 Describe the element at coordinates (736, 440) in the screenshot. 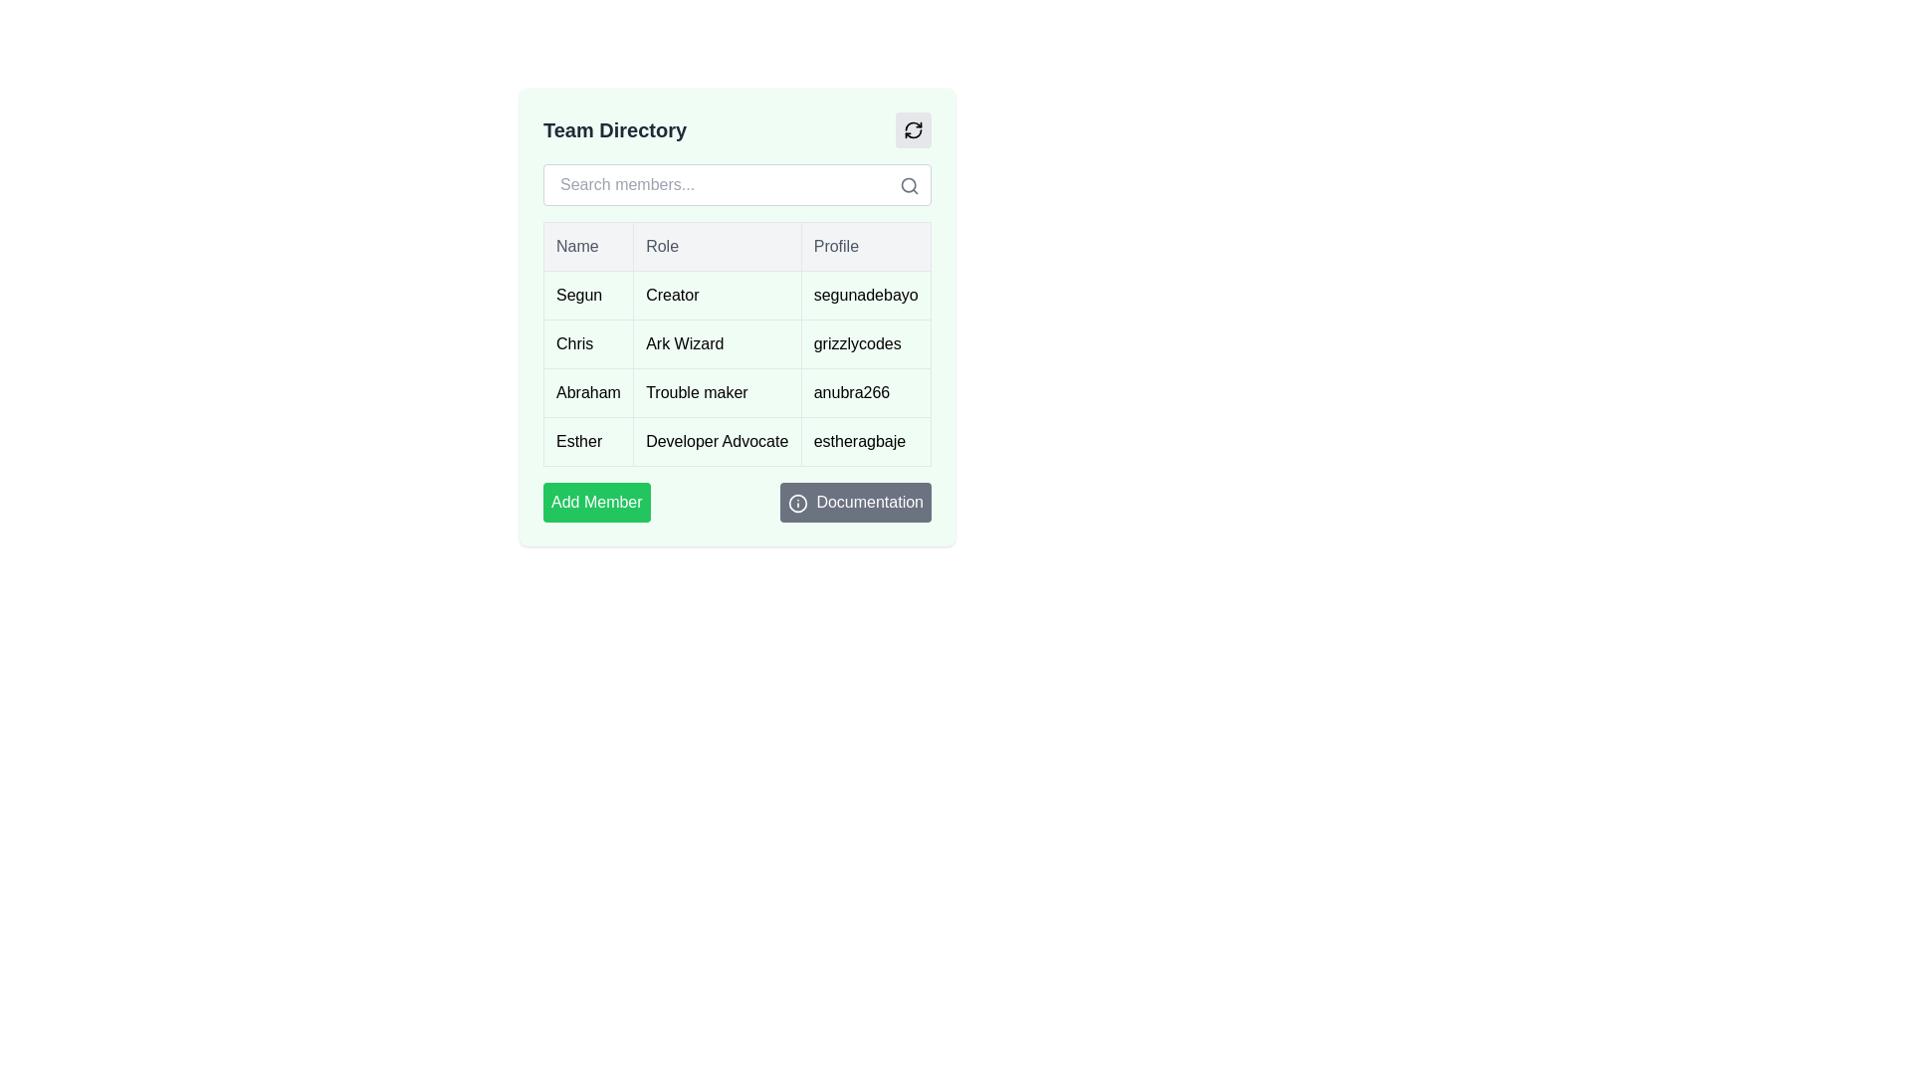

I see `the fourth row of the table under the 'Team Directory' header, which contains the entries 'Esther', 'Developer Advocate', and 'estheragbaje', to invoke a context menu` at that location.